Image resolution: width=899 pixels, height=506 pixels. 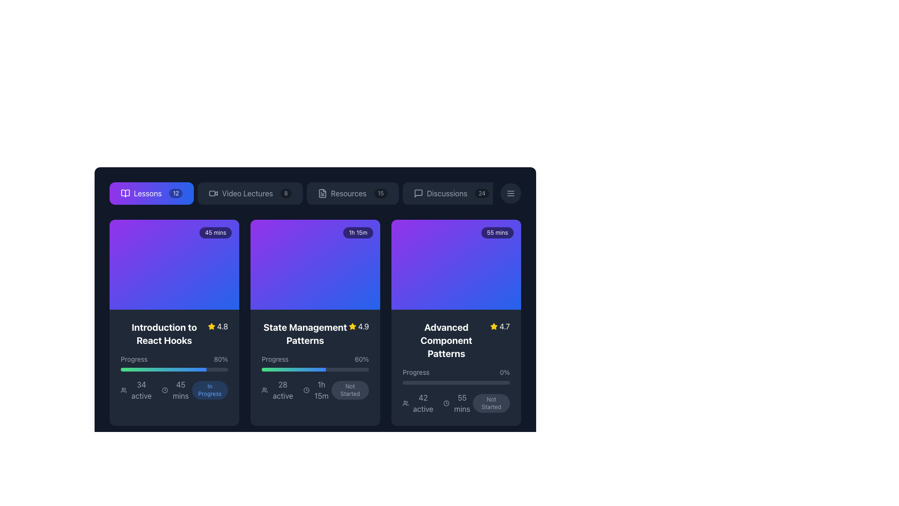 I want to click on the 'Resources' button, which is a rounded rectangular button with a paper icon and the text 'Resources' followed by a counter of '15', located in the top horizontal menu bar as the third item from the left, so click(x=352, y=193).